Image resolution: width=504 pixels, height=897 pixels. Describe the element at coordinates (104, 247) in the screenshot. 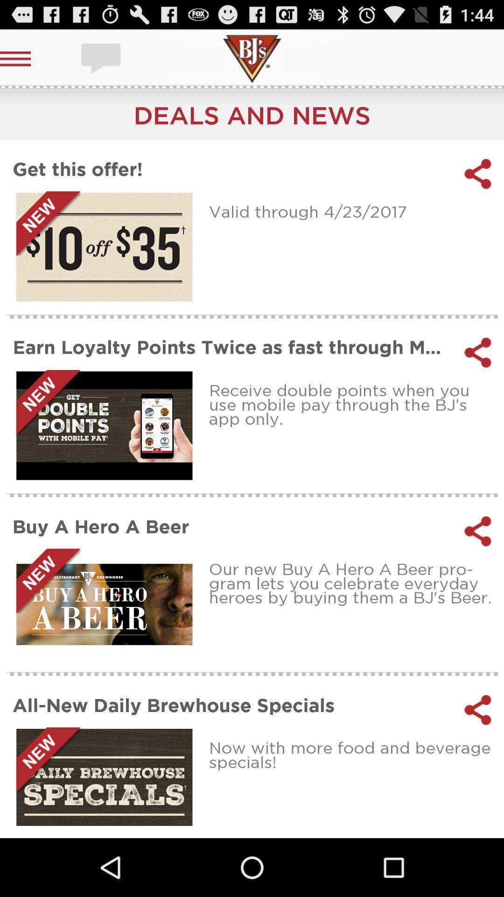

I see `this offer` at that location.